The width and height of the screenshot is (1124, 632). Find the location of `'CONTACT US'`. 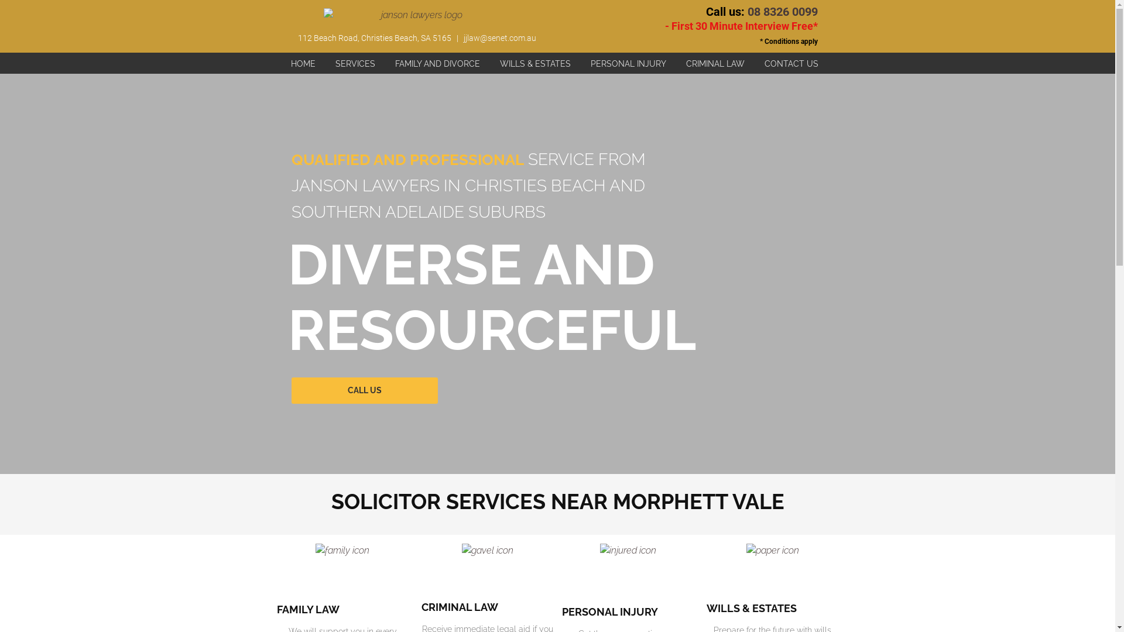

'CONTACT US' is located at coordinates (791, 63).